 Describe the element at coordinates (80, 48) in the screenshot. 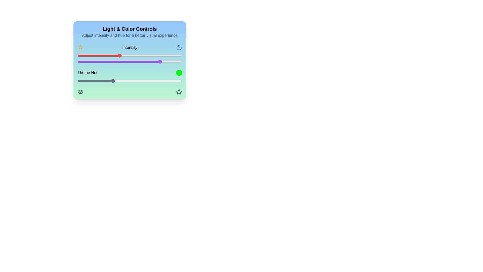

I see `the 'Sunset' icon located in the 'Intensity' section at the far left side, which is the first icon in a horizontal arrangement` at that location.